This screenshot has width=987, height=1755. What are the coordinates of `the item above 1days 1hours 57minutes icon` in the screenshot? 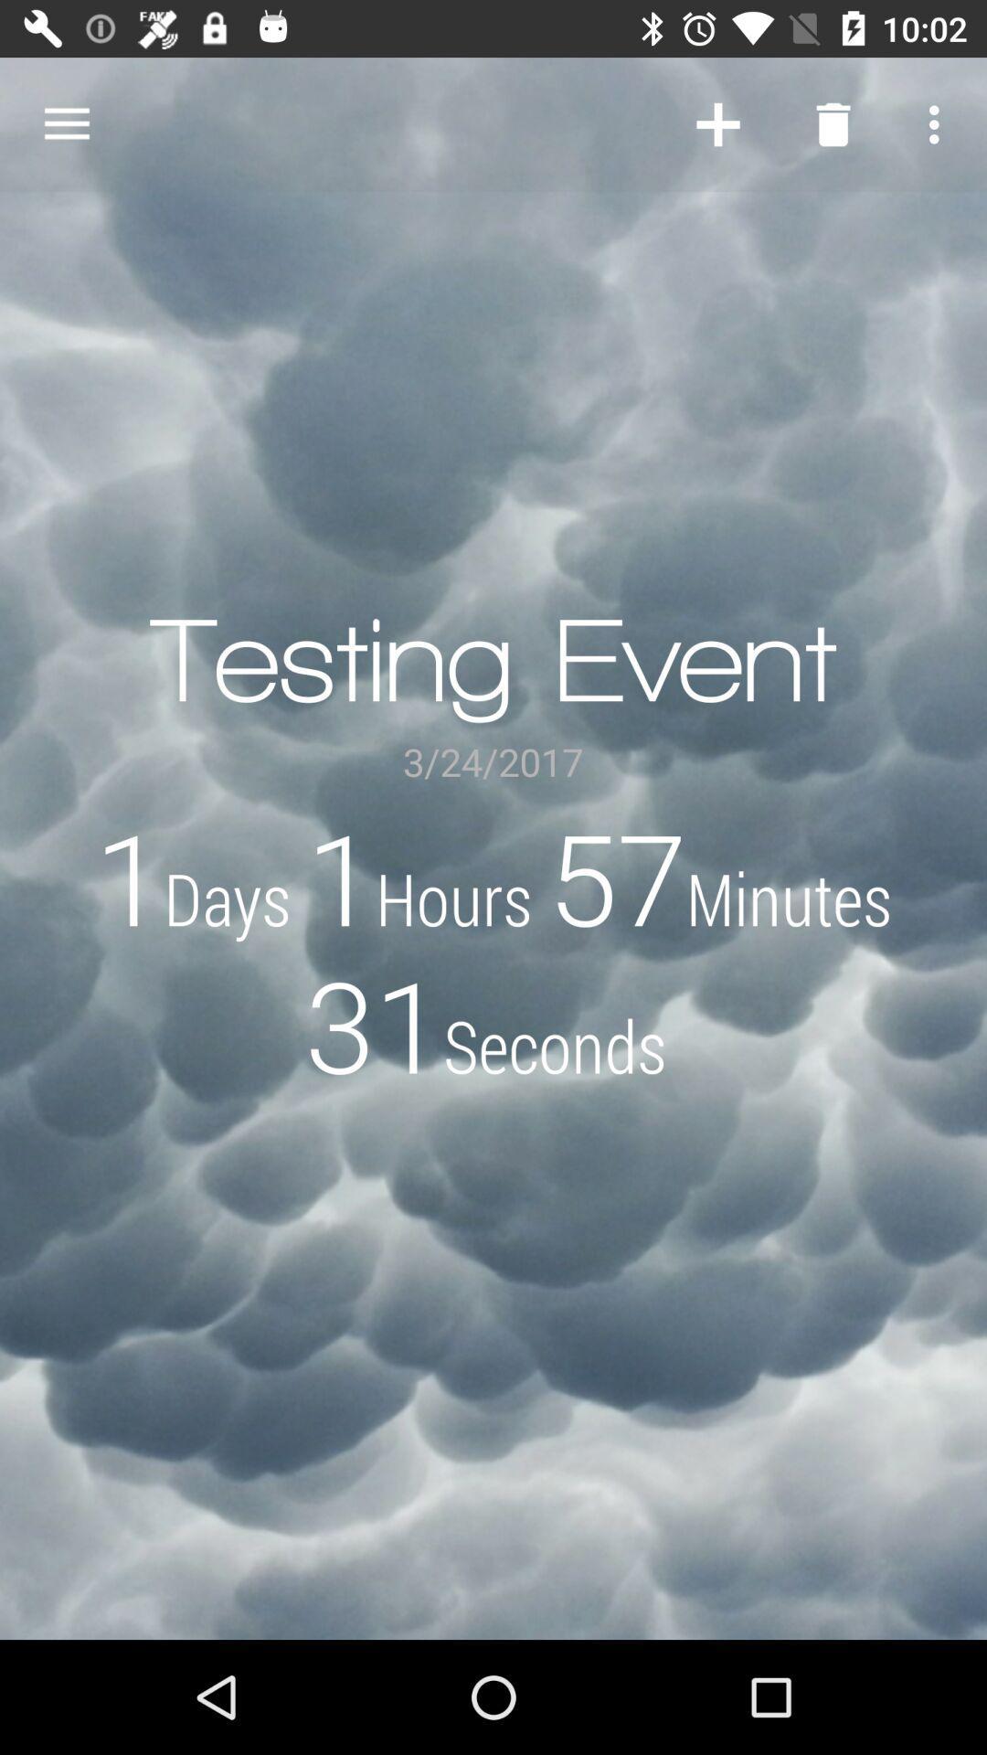 It's located at (66, 123).